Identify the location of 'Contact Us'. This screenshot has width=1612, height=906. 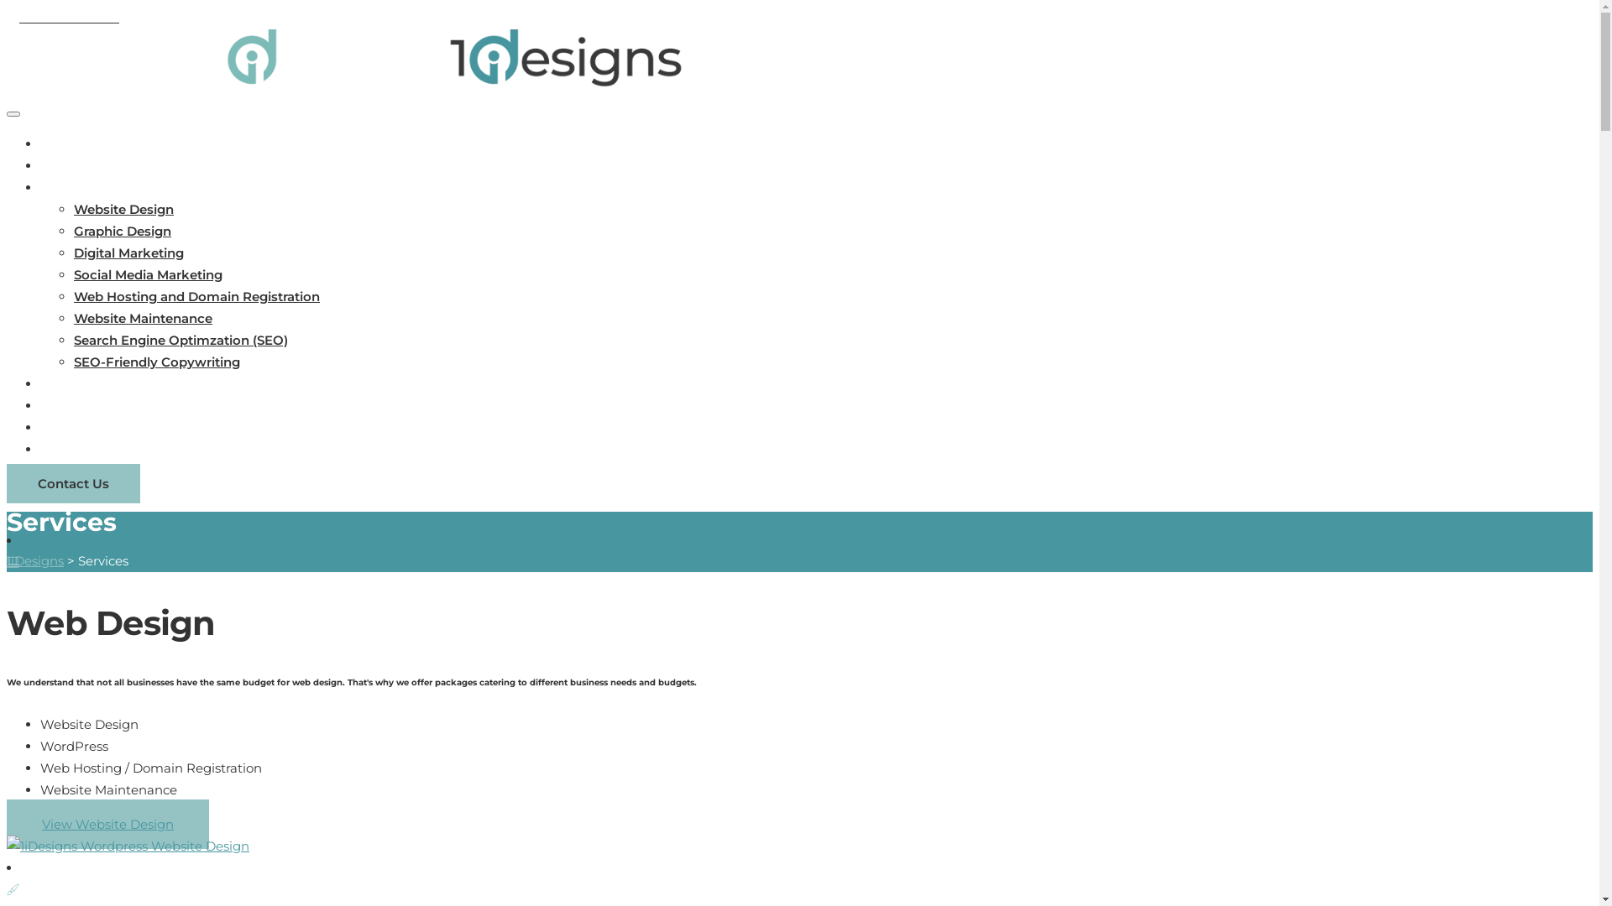
(72, 483).